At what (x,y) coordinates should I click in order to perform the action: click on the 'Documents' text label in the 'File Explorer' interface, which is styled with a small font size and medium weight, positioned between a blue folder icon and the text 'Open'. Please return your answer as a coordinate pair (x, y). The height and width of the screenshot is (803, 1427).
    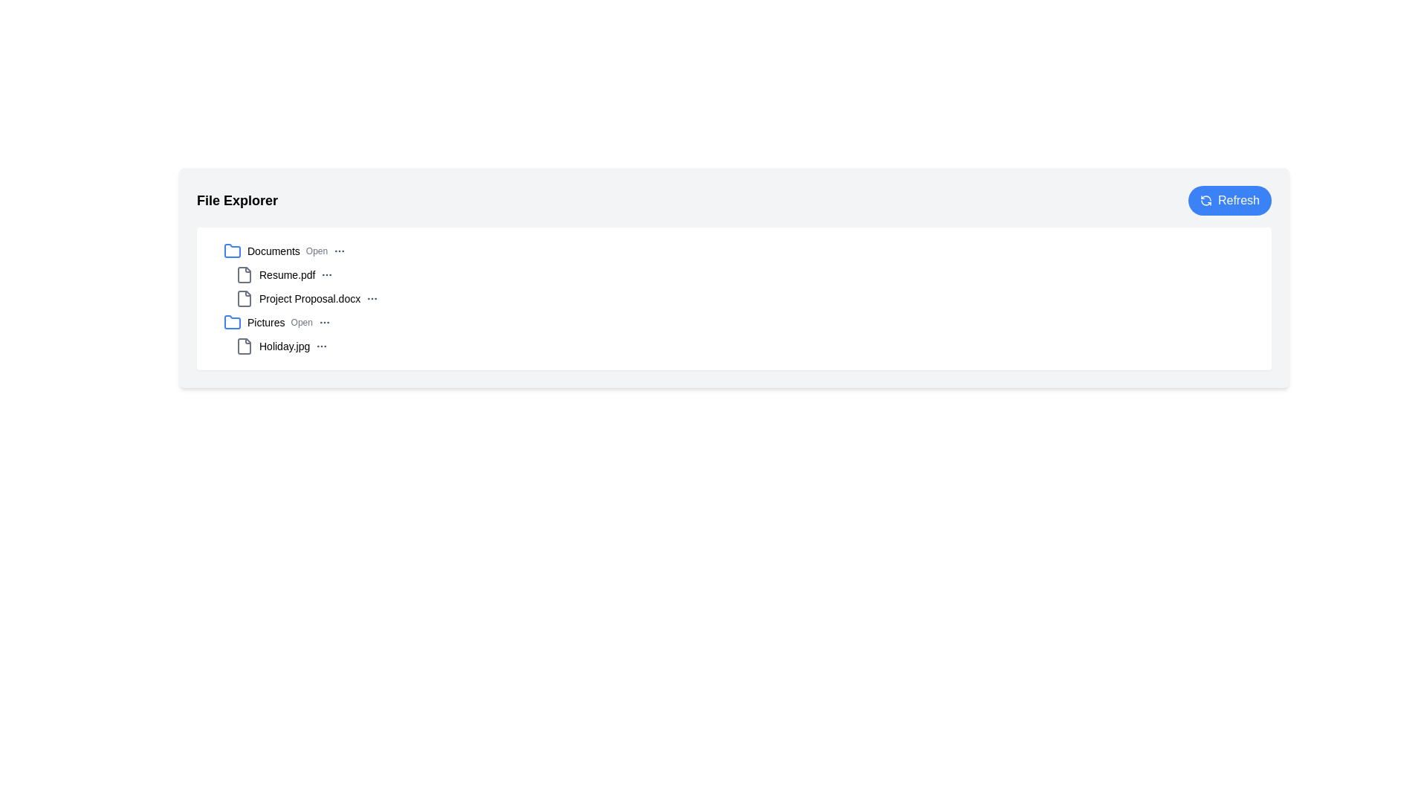
    Looking at the image, I should click on (274, 251).